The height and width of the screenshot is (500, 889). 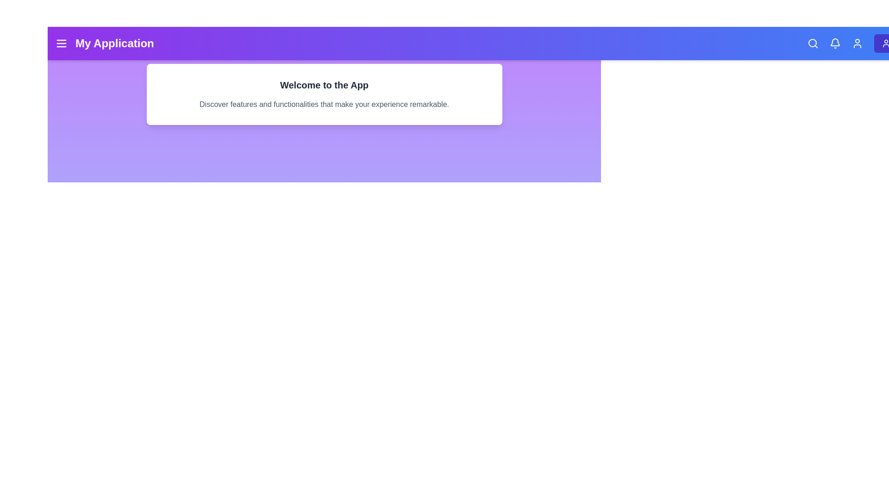 What do you see at coordinates (857, 43) in the screenshot?
I see `the user profile icon` at bounding box center [857, 43].